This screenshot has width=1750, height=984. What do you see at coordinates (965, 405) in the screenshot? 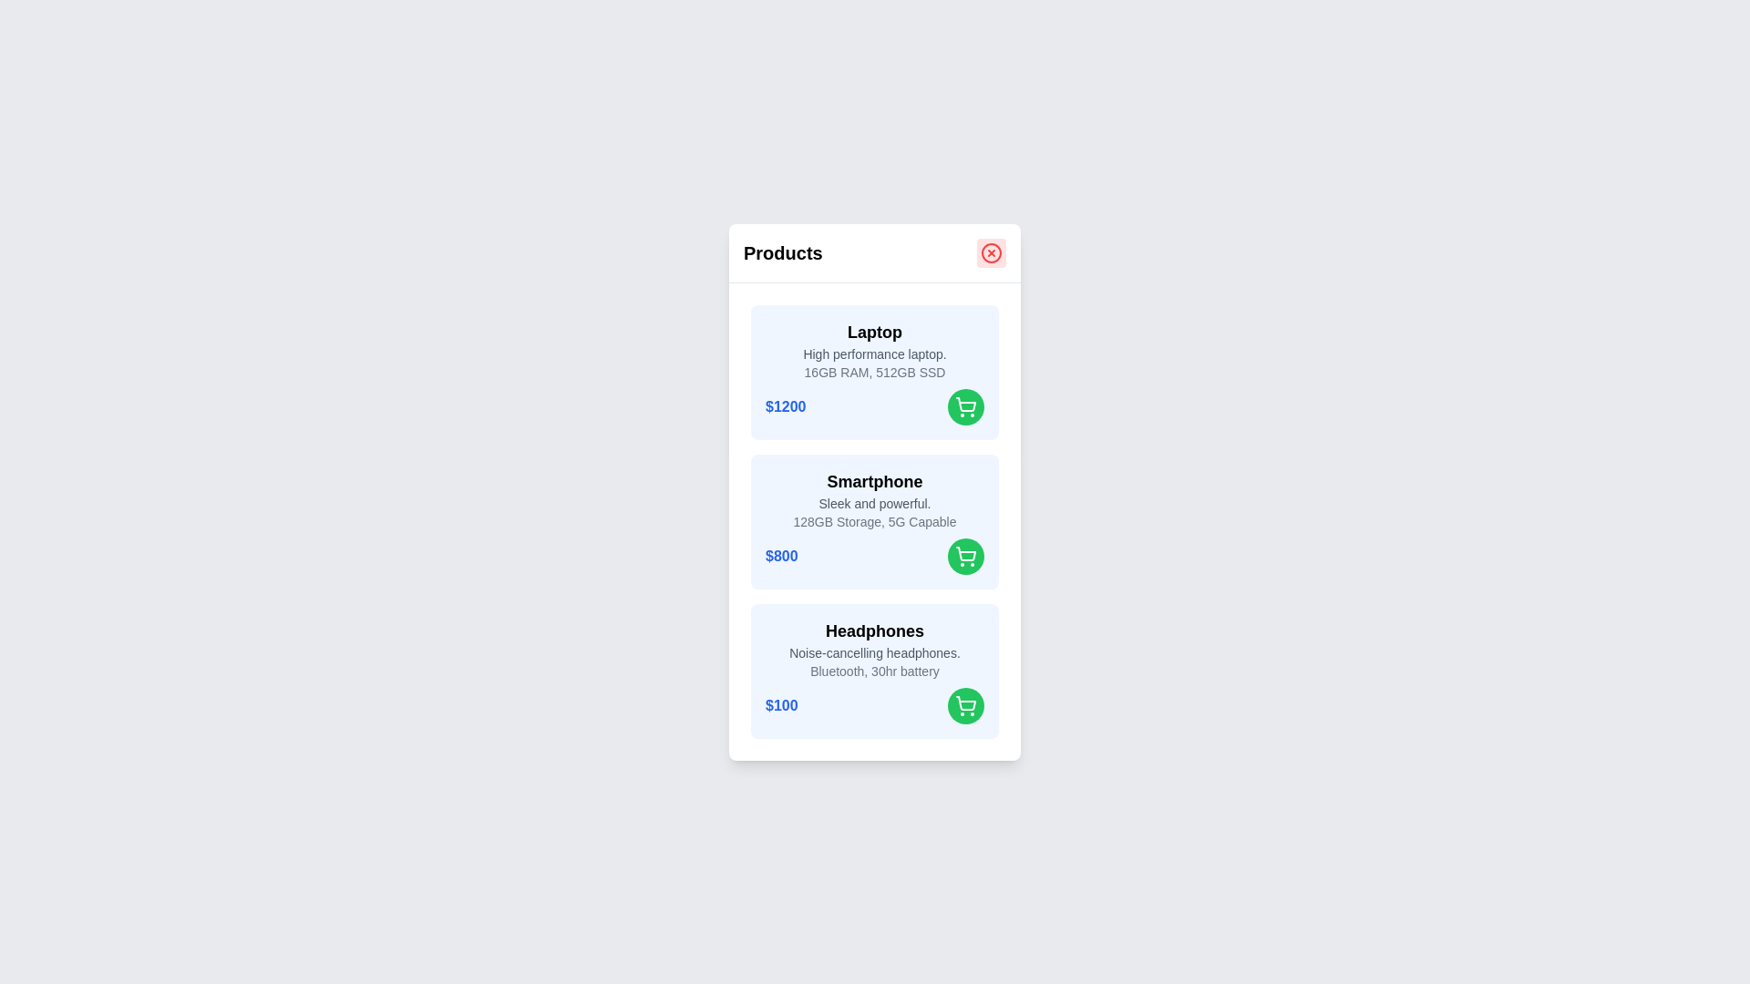
I see `the green shopping cart button corresponding to the Laptop product to add it to the cart` at bounding box center [965, 405].